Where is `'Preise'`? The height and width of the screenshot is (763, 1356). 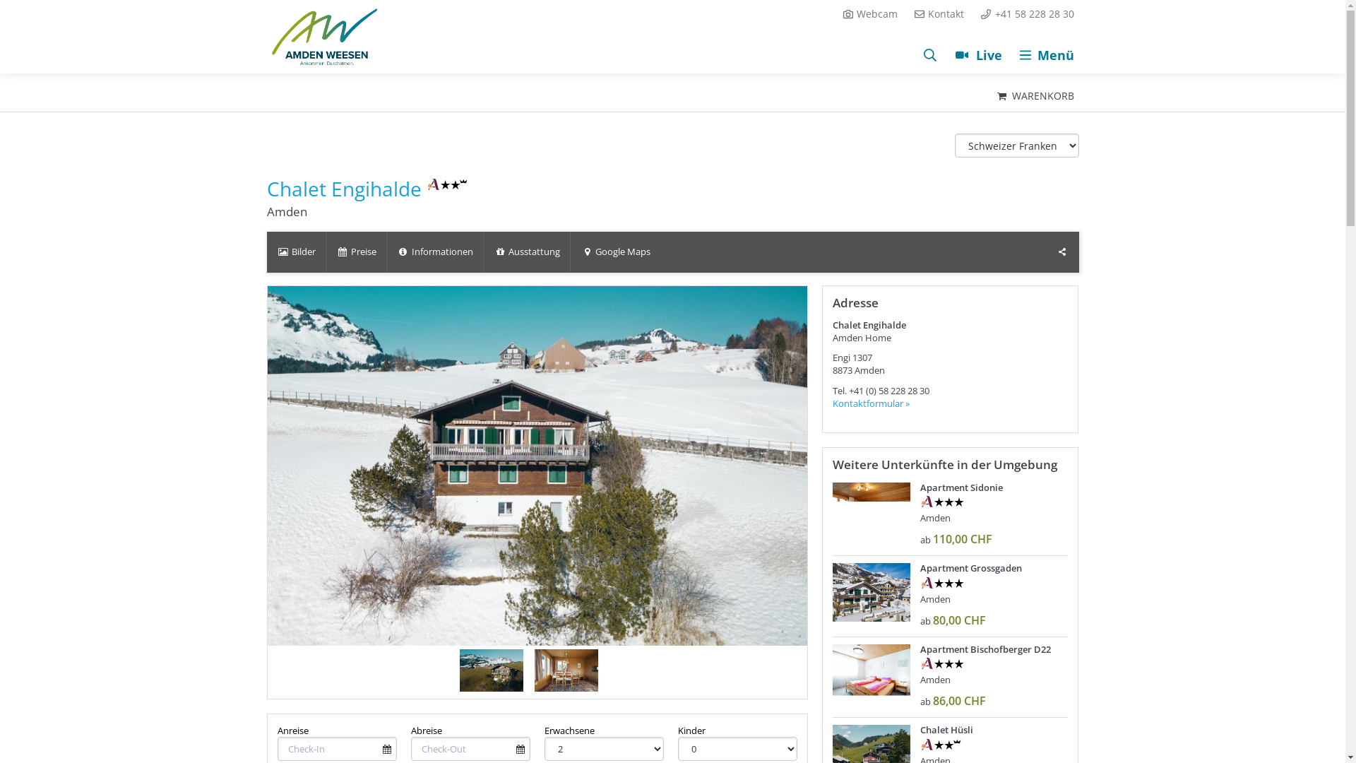
'Preise' is located at coordinates (356, 252).